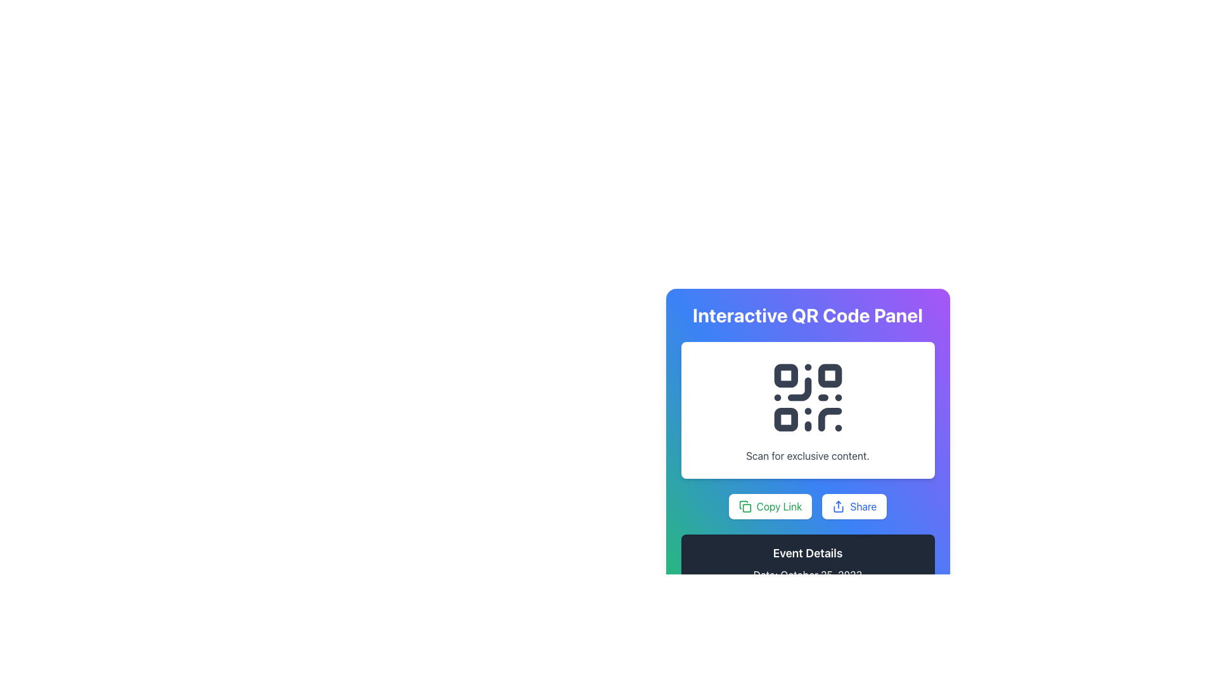 The image size is (1217, 684). Describe the element at coordinates (769, 505) in the screenshot. I see `the leftmost button that copies a link to the clipboard for keyboard navigation` at that location.